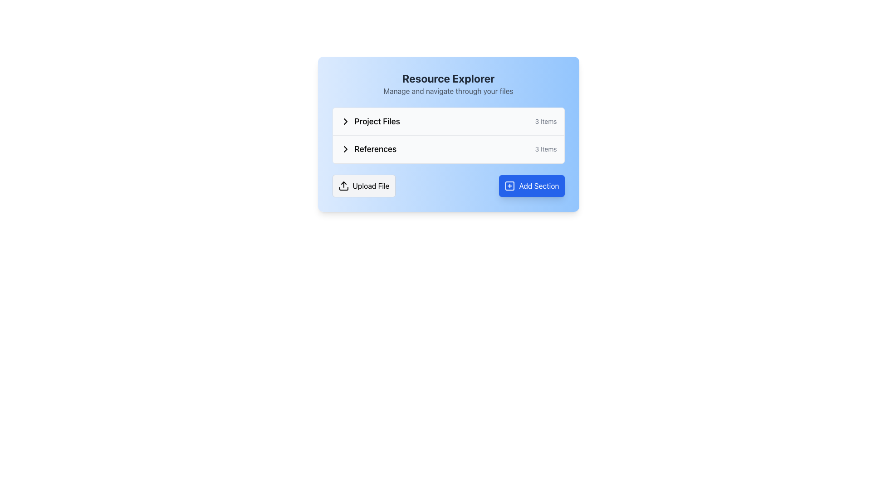 This screenshot has height=490, width=871. I want to click on the 'Project Files' text label with a right-facing chevron icon located in the first row of the Resource Explorer interface, so click(370, 121).